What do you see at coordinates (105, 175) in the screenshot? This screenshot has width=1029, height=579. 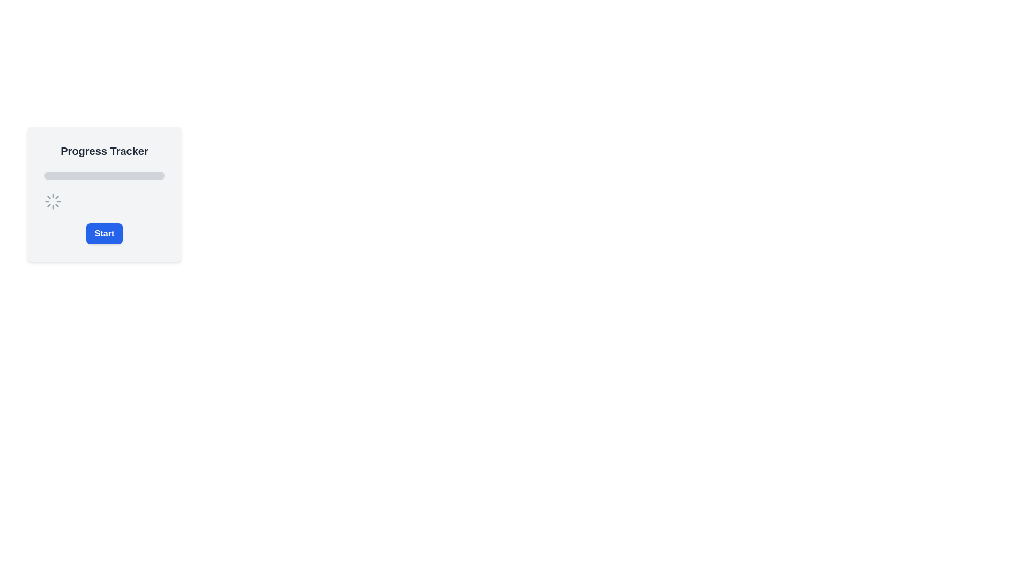 I see `the progress bar located within the 'Progress Tracker' card, which visually represents the progress of a task` at bounding box center [105, 175].